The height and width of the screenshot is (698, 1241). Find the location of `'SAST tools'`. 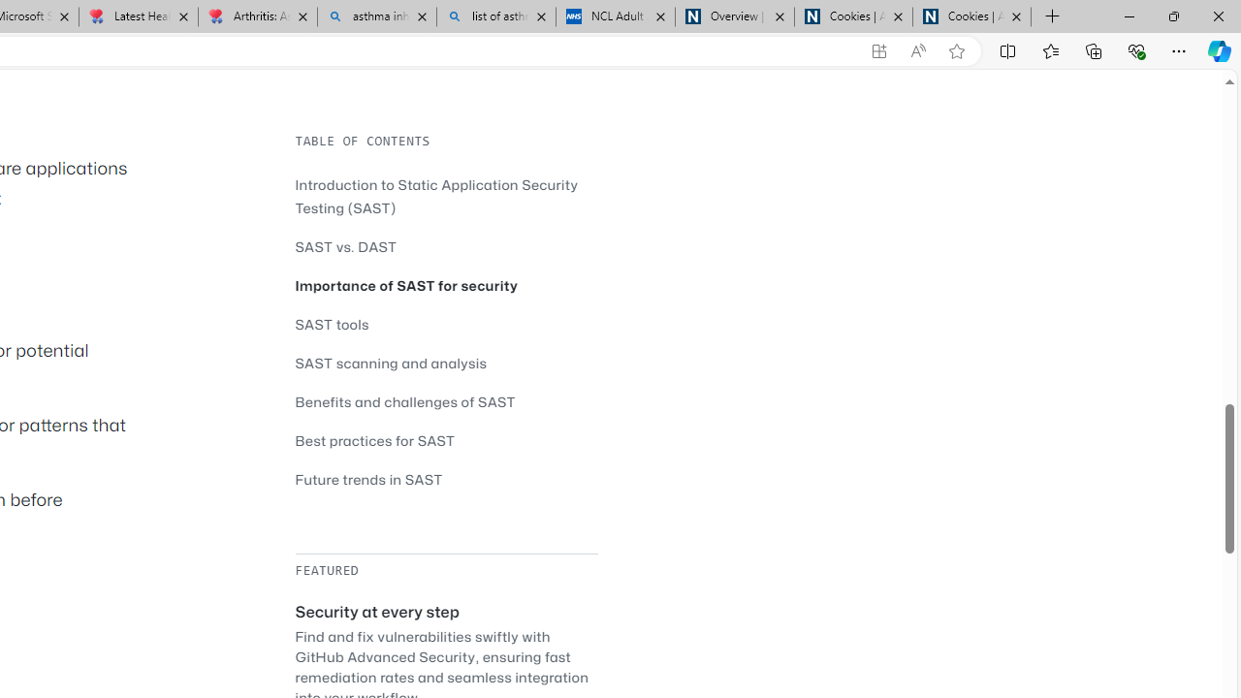

'SAST tools' is located at coordinates (445, 323).